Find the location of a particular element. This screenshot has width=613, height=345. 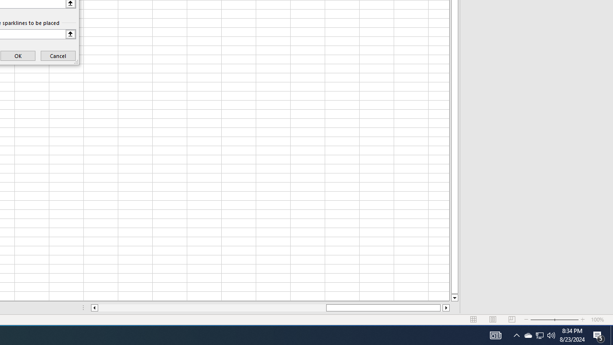

'Zoom' is located at coordinates (555, 320).